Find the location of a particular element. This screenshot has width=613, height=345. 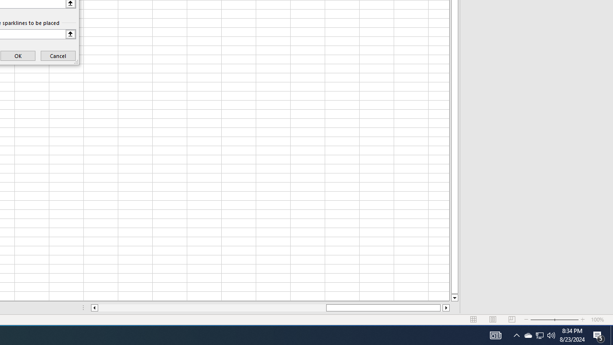

'Zoom' is located at coordinates (555, 320).